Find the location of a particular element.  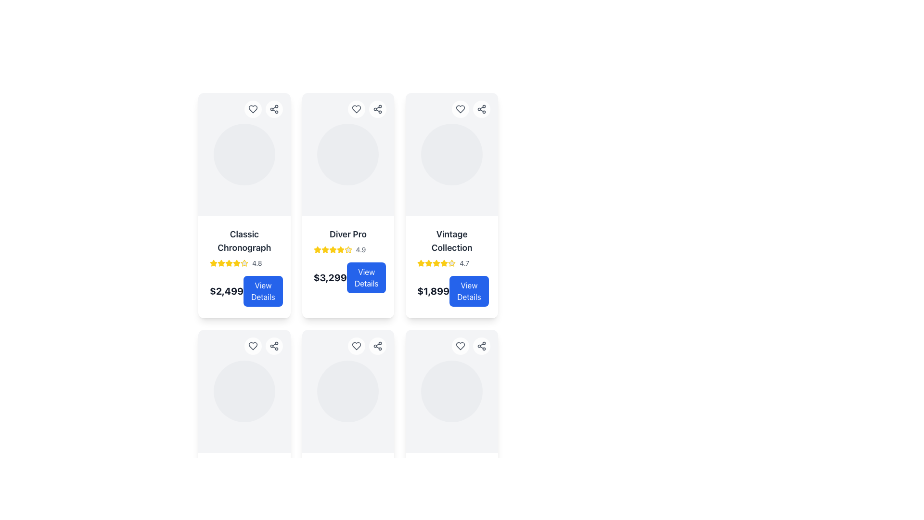

the 'View Details' button in the pricing section of the 'Vintage Collection' product card is located at coordinates (451, 291).